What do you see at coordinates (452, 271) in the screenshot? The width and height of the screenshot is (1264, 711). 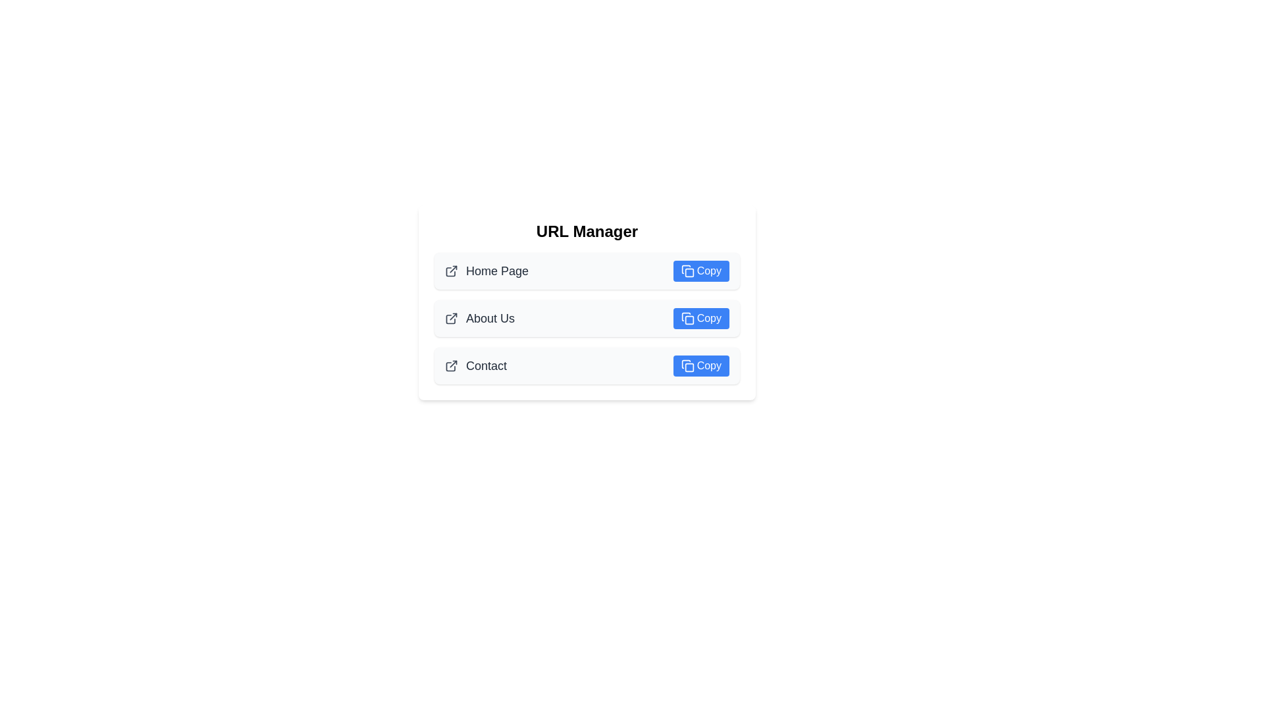 I see `the icon that indicates the 'Home Page' link, which is located to the immediate left of the text 'Home Page'` at bounding box center [452, 271].